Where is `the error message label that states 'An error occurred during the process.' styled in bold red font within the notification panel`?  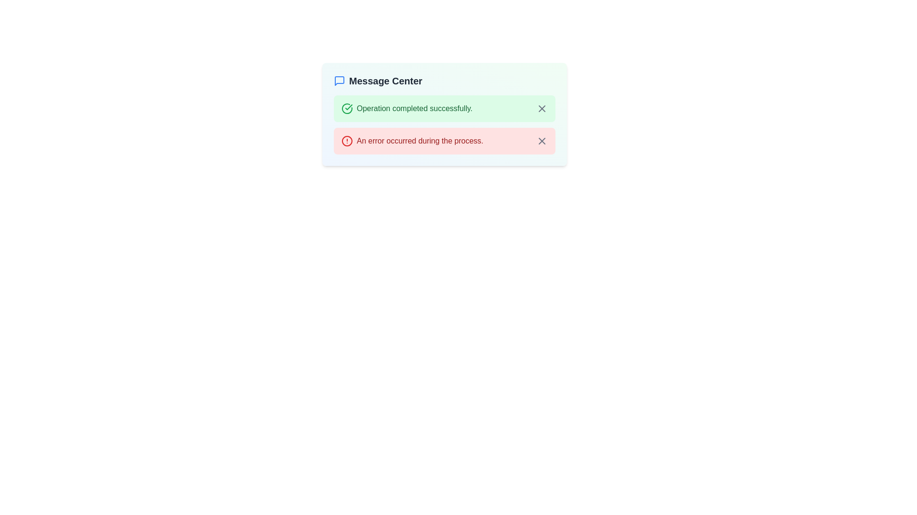
the error message label that states 'An error occurred during the process.' styled in bold red font within the notification panel is located at coordinates (420, 141).